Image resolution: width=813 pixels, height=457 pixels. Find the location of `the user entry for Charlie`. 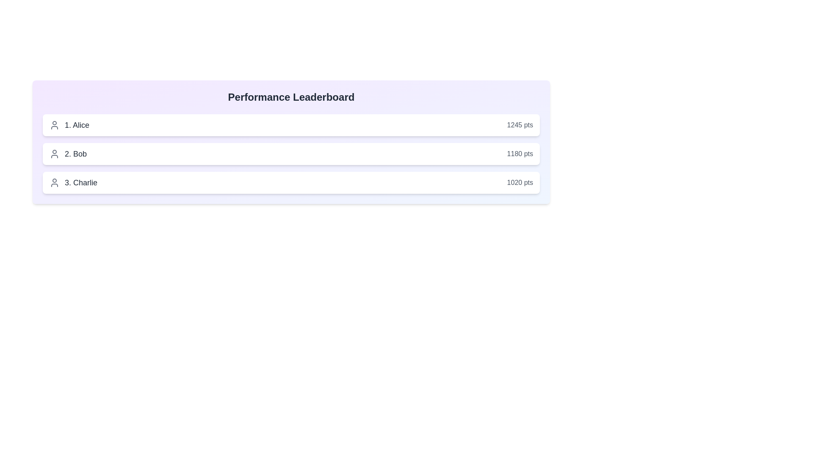

the user entry for Charlie is located at coordinates (291, 182).